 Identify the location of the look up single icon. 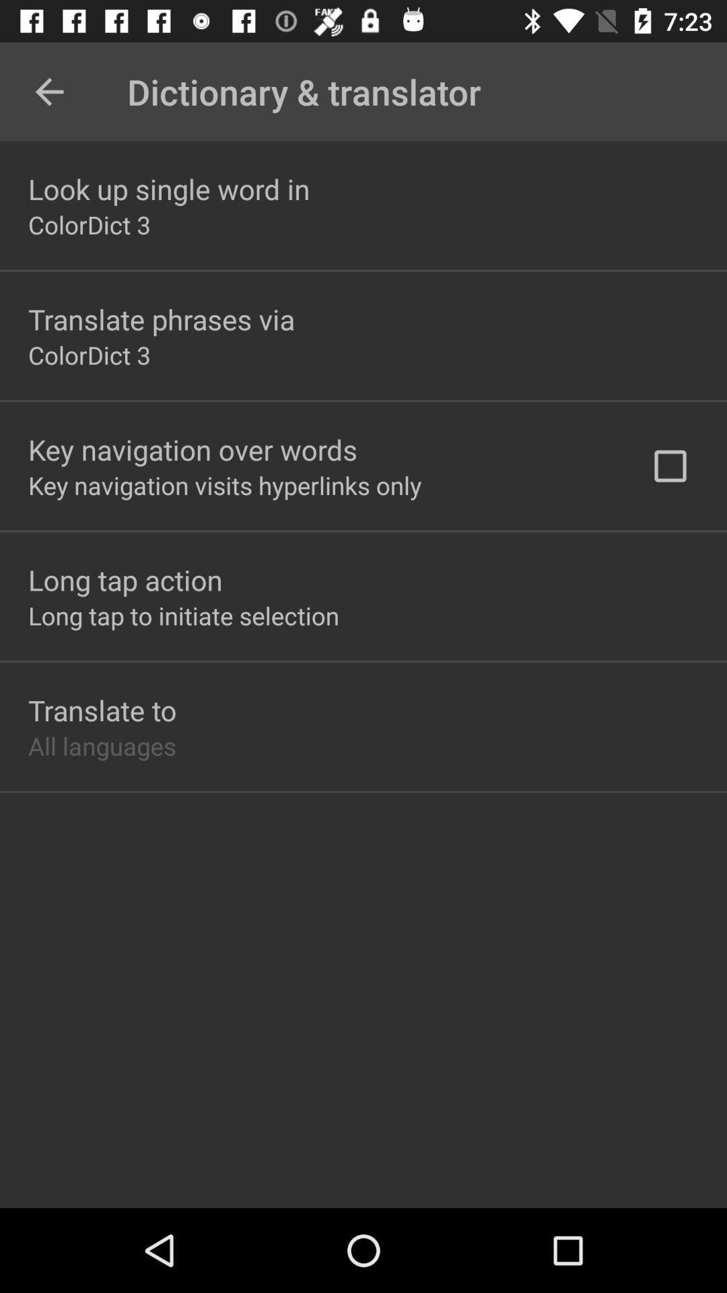
(168, 188).